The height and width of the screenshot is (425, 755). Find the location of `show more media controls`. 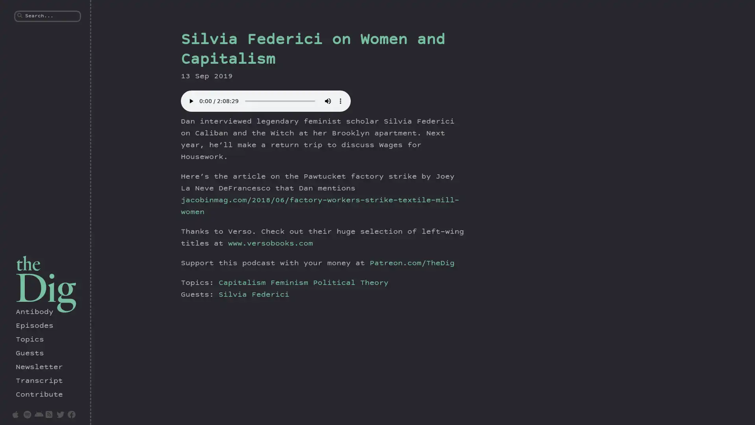

show more media controls is located at coordinates (340, 101).